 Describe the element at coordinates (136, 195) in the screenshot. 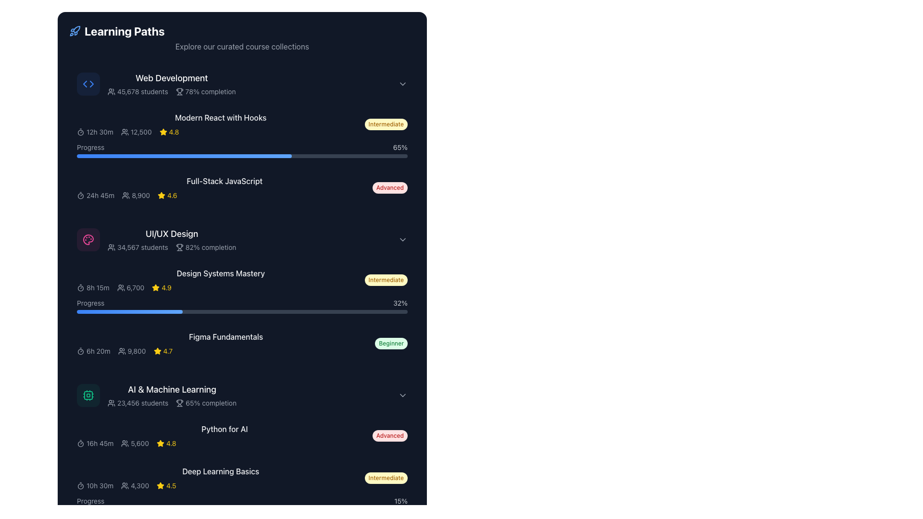

I see `the label indicating the number of participants, which displays '8,900' students enrolled in the course, located in the 'Full-Stack JavaScript' section beneath the '24h 45m' label and before the rating score of 4.6` at that location.